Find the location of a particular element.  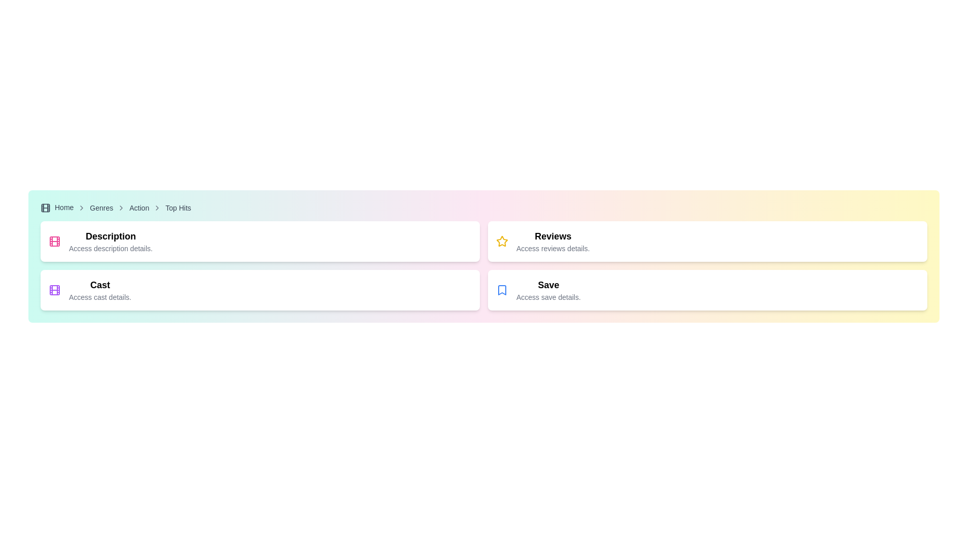

information provided in the Text block with title and subtitle located in the second section on the left side of the interface, directly below the 'Description' section is located at coordinates (100, 290).